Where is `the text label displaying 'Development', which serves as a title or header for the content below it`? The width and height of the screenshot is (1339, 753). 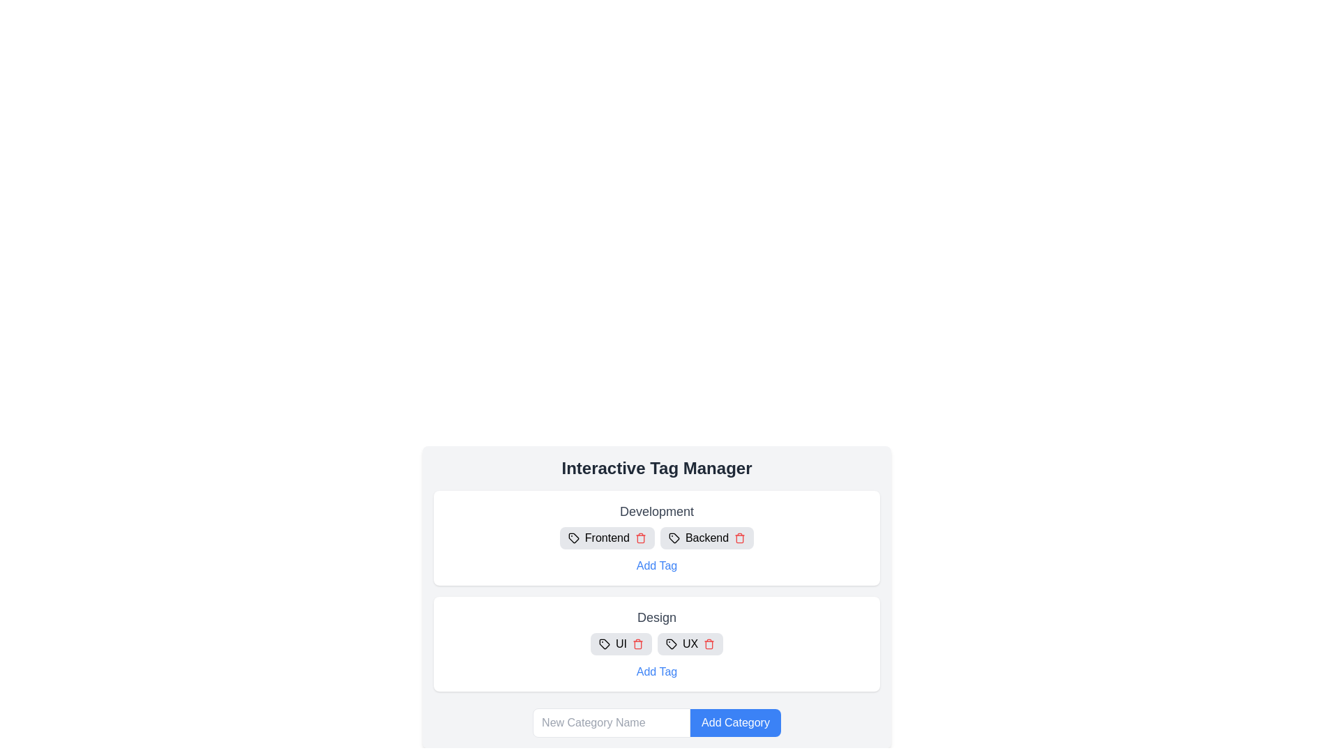
the text label displaying 'Development', which serves as a title or header for the content below it is located at coordinates (656, 511).